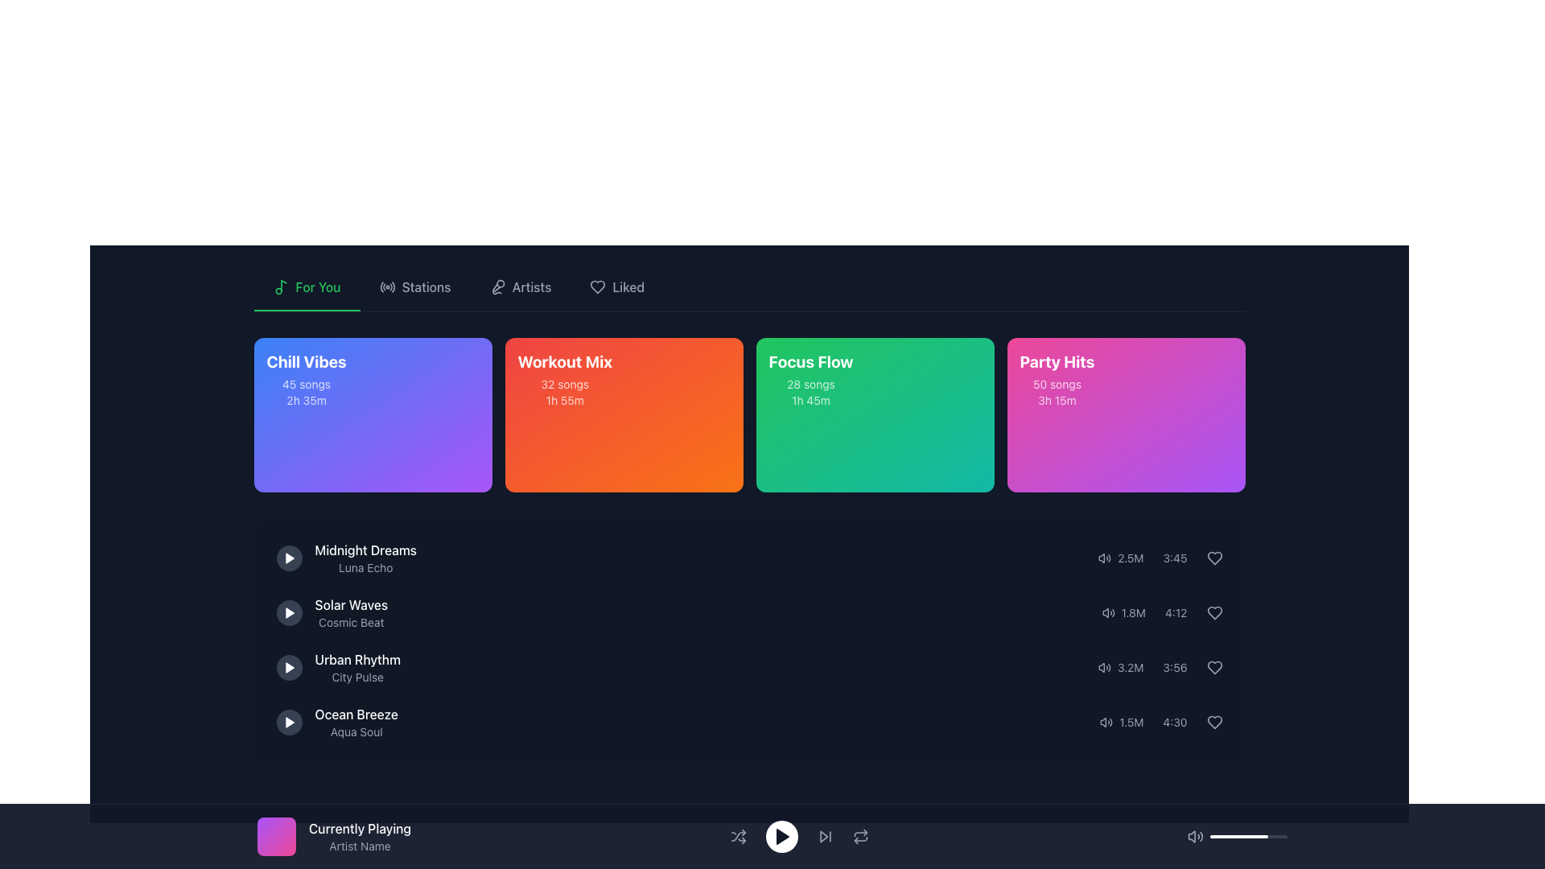 The height and width of the screenshot is (869, 1545). I want to click on slider value, so click(1255, 836).